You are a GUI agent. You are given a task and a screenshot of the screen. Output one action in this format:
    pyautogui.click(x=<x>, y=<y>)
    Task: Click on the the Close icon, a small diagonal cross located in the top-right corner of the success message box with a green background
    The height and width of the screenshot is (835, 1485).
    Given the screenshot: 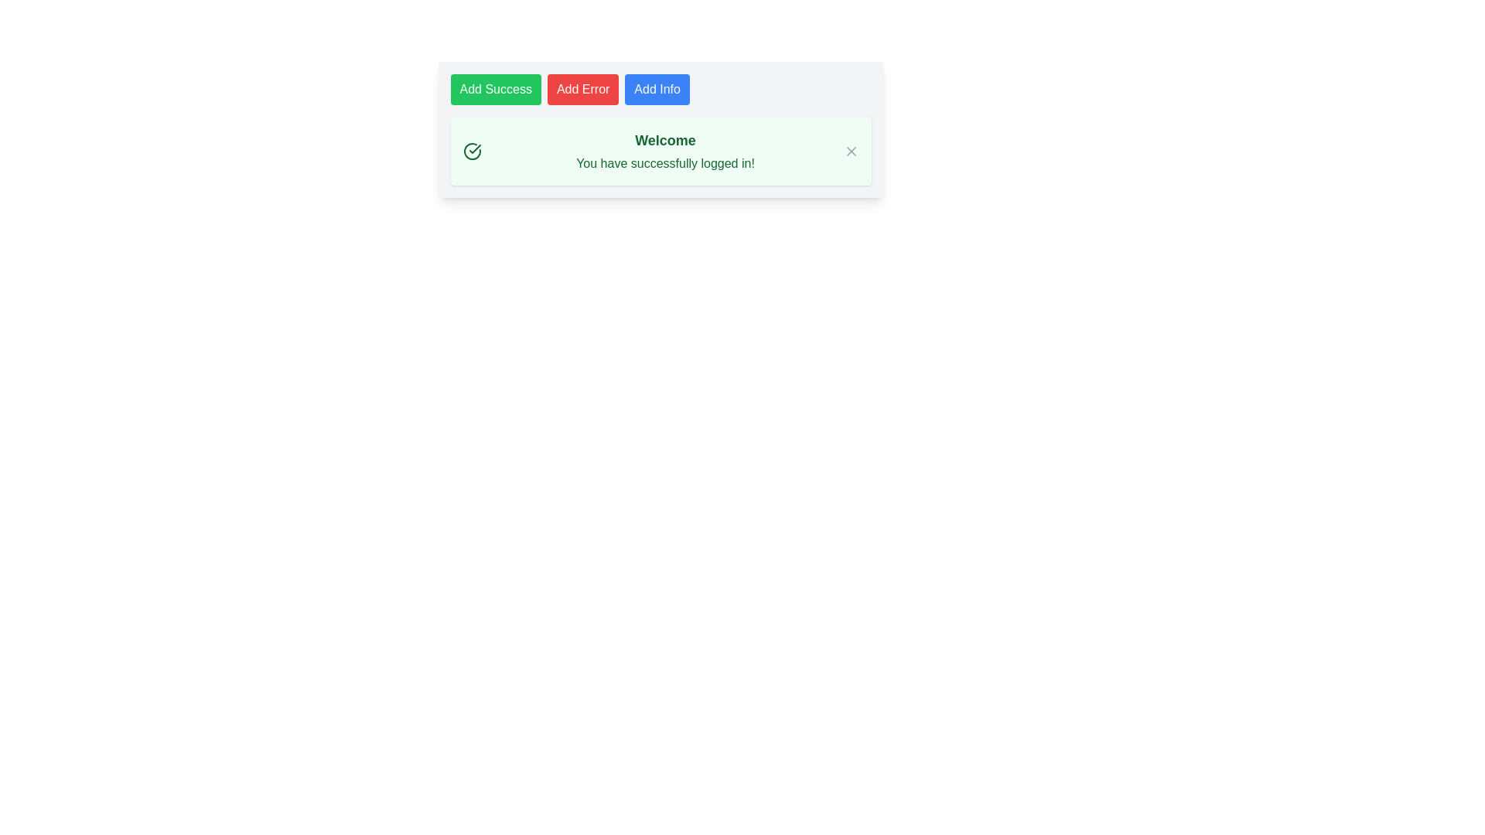 What is the action you would take?
    pyautogui.click(x=850, y=152)
    